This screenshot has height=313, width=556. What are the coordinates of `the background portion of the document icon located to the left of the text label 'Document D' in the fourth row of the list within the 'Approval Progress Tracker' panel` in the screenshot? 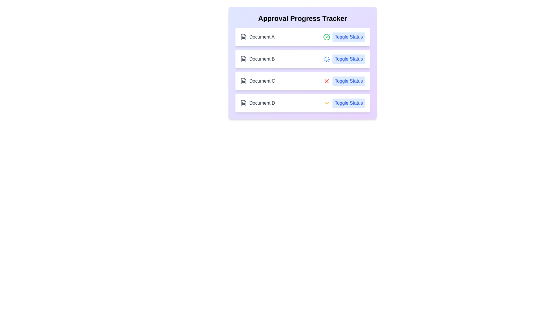 It's located at (243, 103).